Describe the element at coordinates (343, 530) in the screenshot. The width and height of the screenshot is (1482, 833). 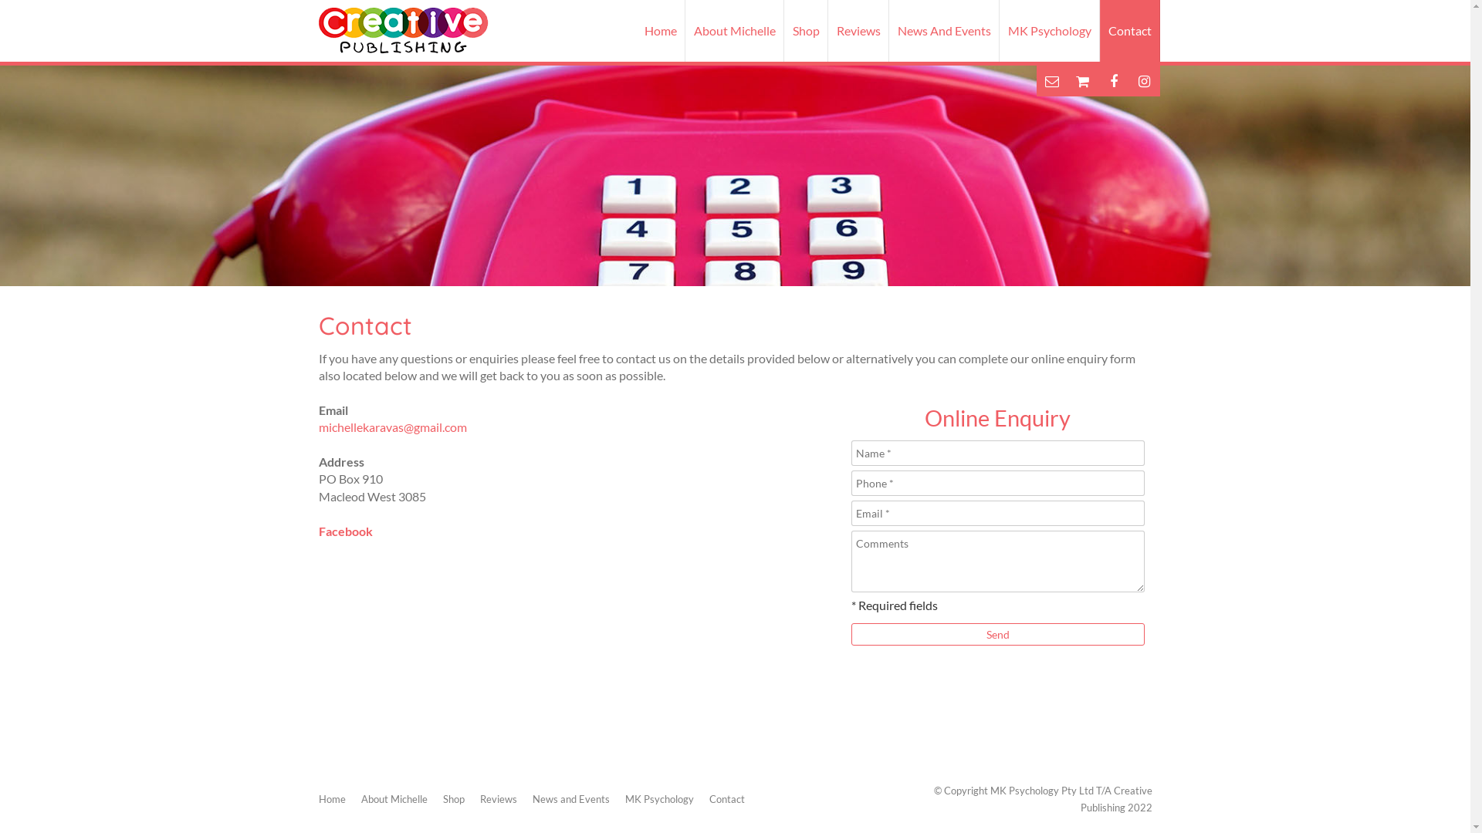
I see `'Facebook'` at that location.